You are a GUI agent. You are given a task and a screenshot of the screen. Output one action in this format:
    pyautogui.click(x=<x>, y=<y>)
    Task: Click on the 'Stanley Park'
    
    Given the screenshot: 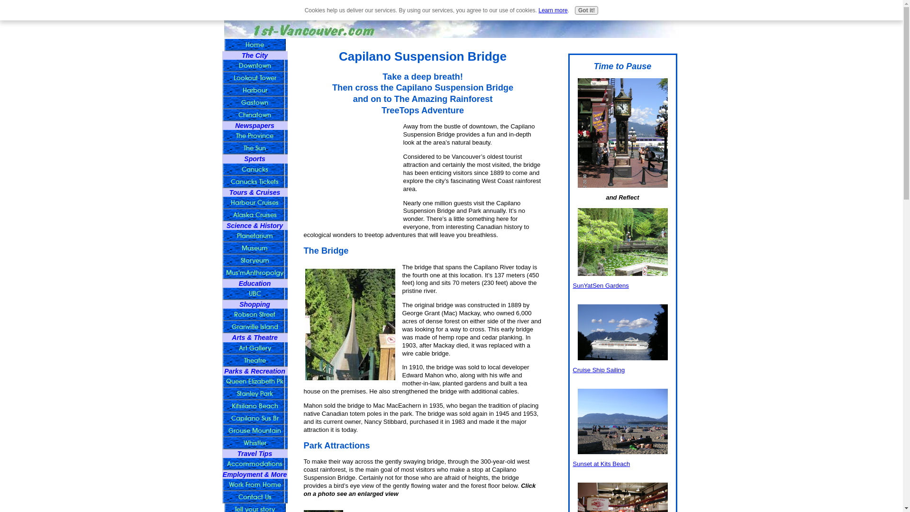 What is the action you would take?
    pyautogui.click(x=255, y=393)
    